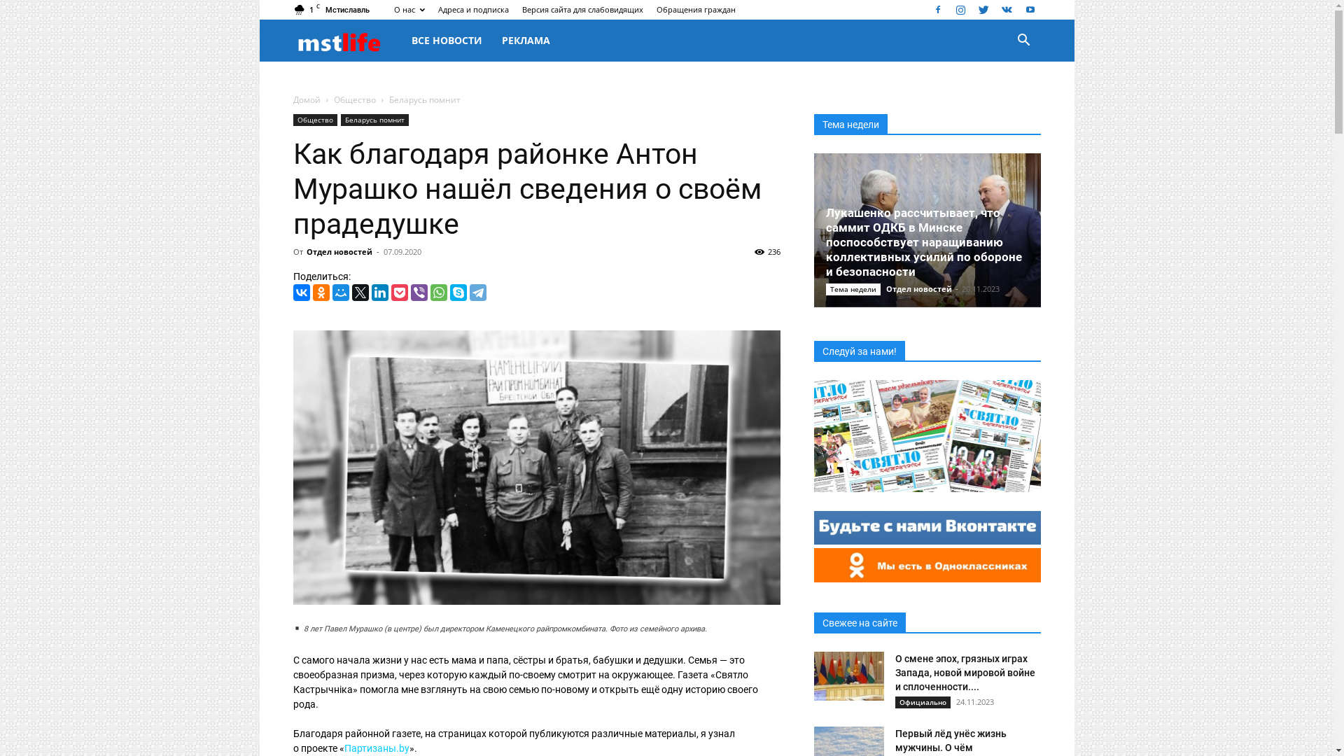 This screenshot has width=1344, height=756. Describe the element at coordinates (937, 10) in the screenshot. I see `'Facebook'` at that location.